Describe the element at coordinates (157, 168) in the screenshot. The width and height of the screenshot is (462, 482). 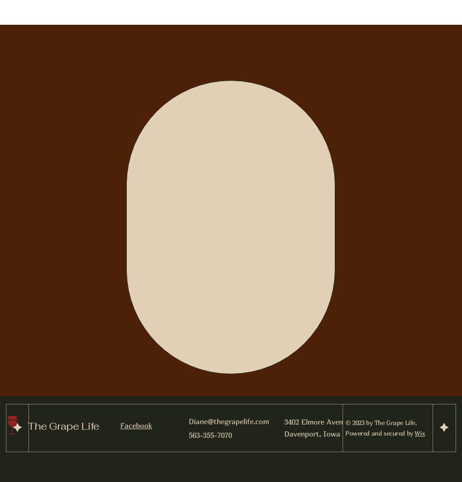
I see `'WE ARE OPEN.'` at that location.